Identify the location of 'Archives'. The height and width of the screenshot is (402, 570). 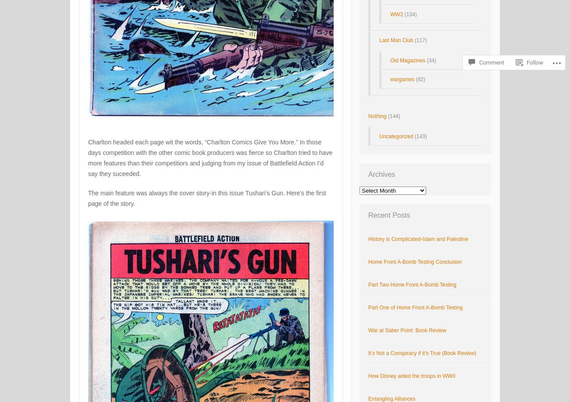
(381, 174).